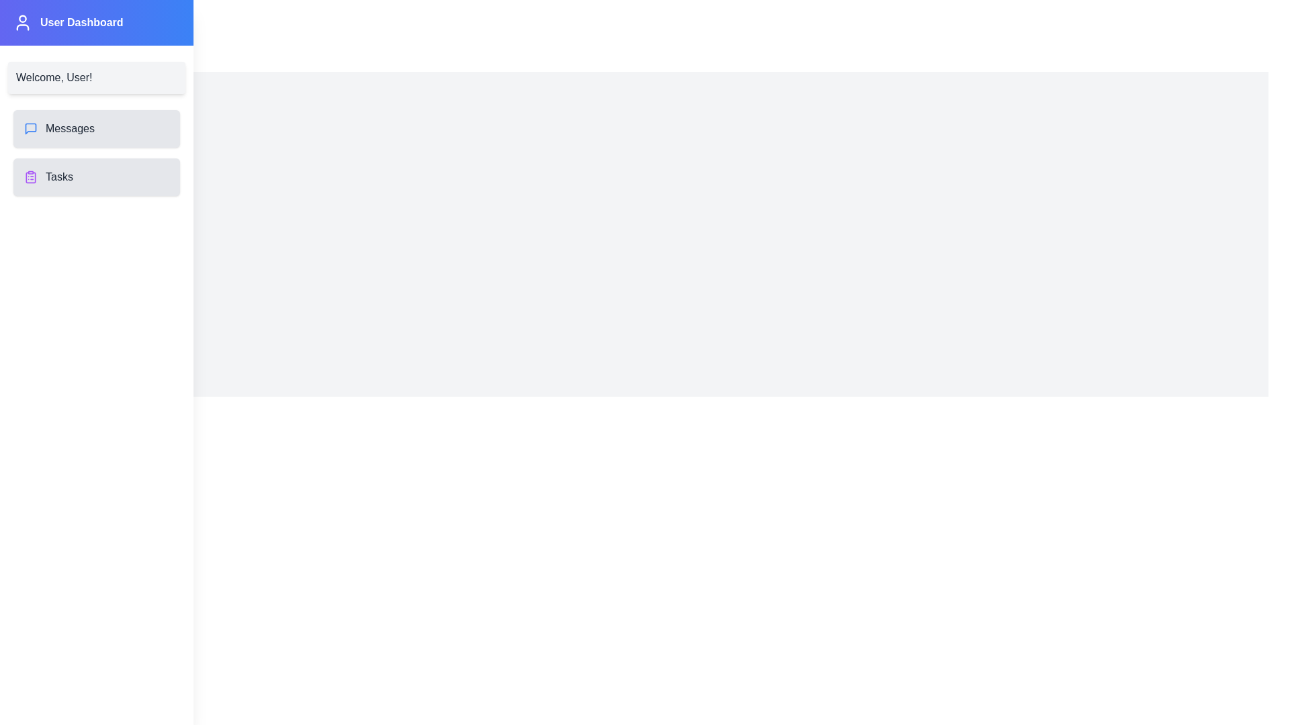 The height and width of the screenshot is (725, 1290). I want to click on the text element Messages for interaction, so click(69, 129).